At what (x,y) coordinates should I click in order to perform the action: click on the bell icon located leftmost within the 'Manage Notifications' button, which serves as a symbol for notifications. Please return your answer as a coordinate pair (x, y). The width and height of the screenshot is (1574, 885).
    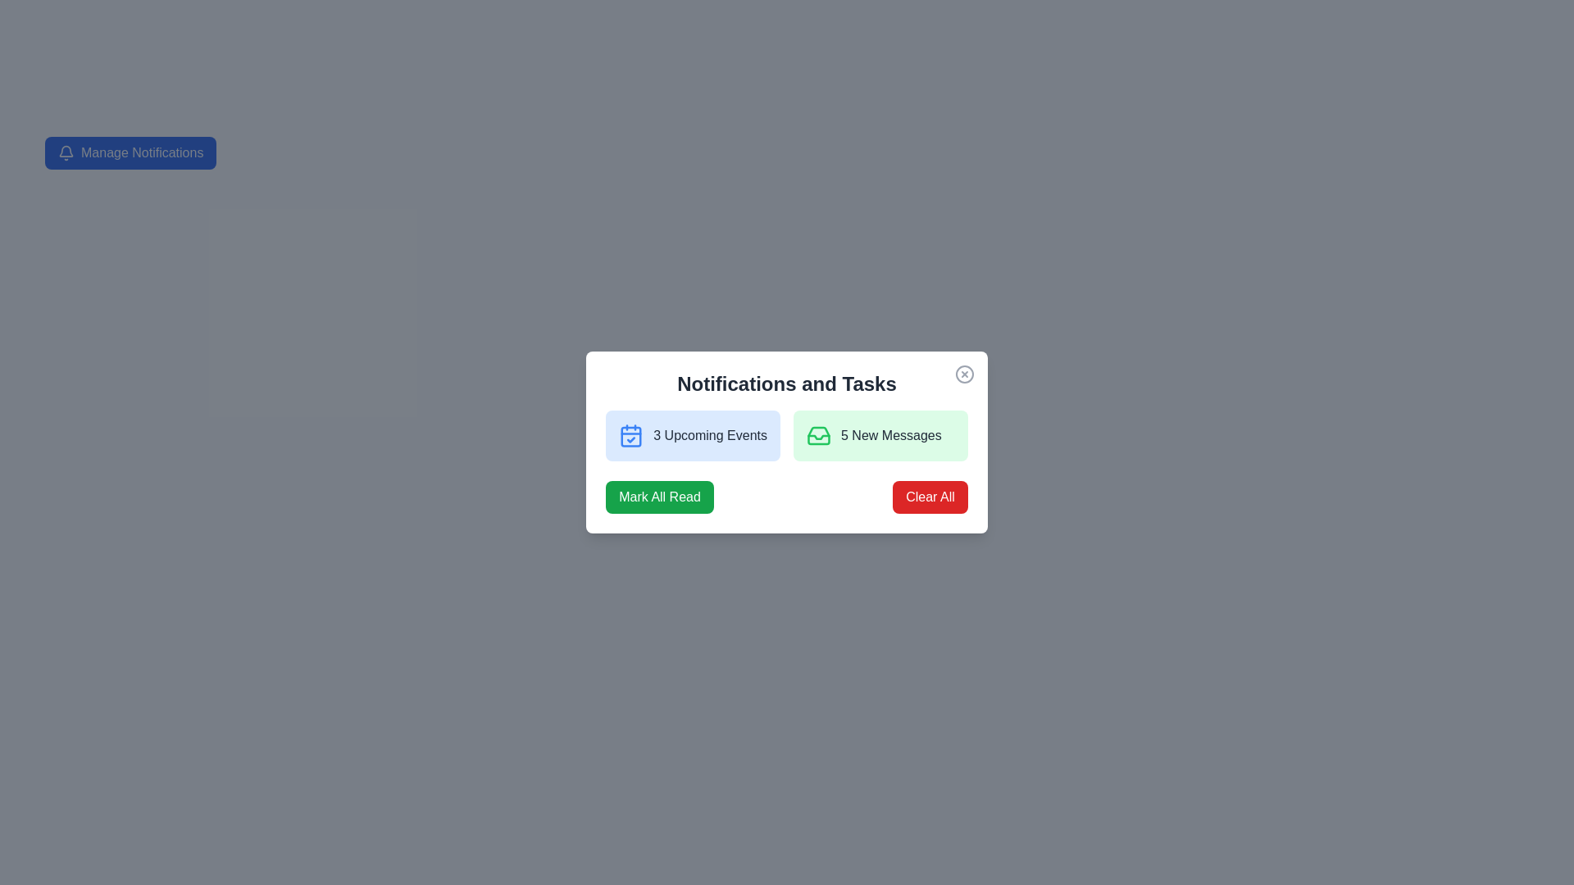
    Looking at the image, I should click on (66, 152).